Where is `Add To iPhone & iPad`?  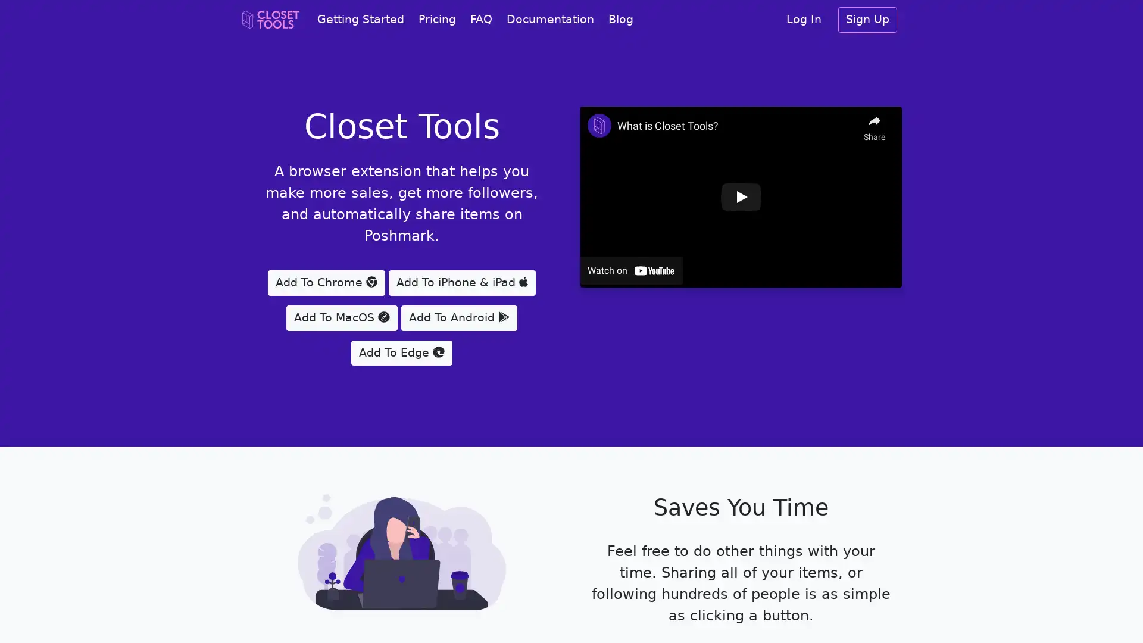 Add To iPhone & iPad is located at coordinates (461, 282).